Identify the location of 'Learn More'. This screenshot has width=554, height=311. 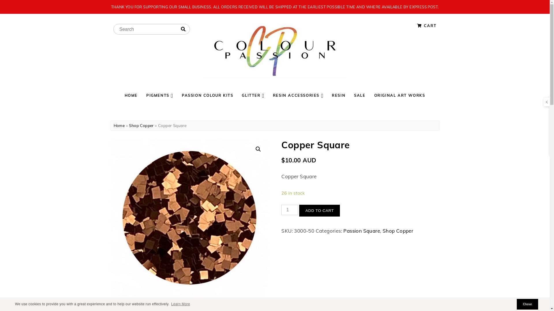
(180, 304).